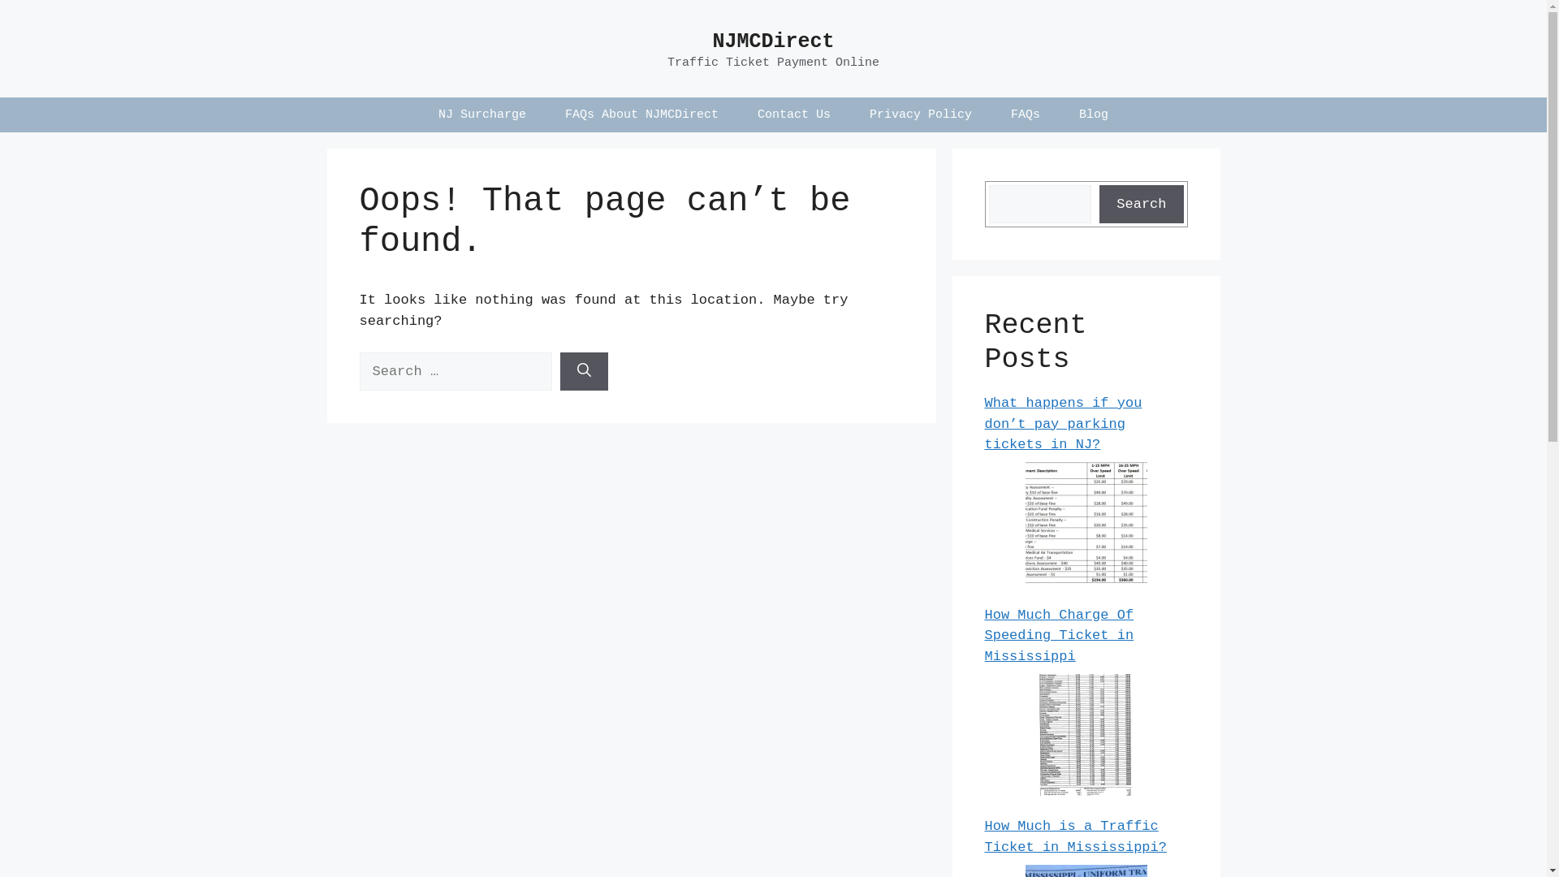  What do you see at coordinates (794, 114) in the screenshot?
I see `'Contact Us'` at bounding box center [794, 114].